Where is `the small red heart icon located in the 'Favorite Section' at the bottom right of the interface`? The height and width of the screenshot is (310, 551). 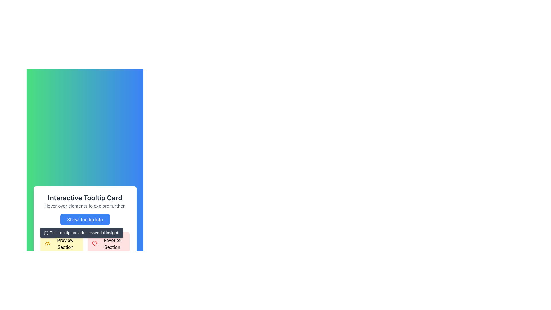 the small red heart icon located in the 'Favorite Section' at the bottom right of the interface is located at coordinates (94, 243).